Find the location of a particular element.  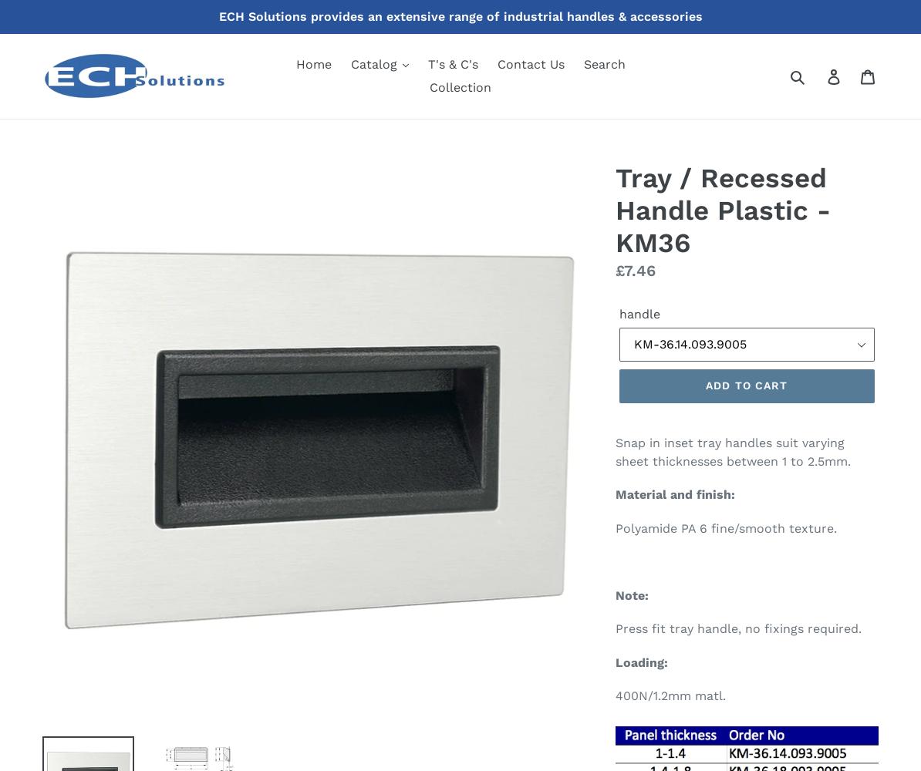

'400N/1.2mm matl.' is located at coordinates (670, 695).